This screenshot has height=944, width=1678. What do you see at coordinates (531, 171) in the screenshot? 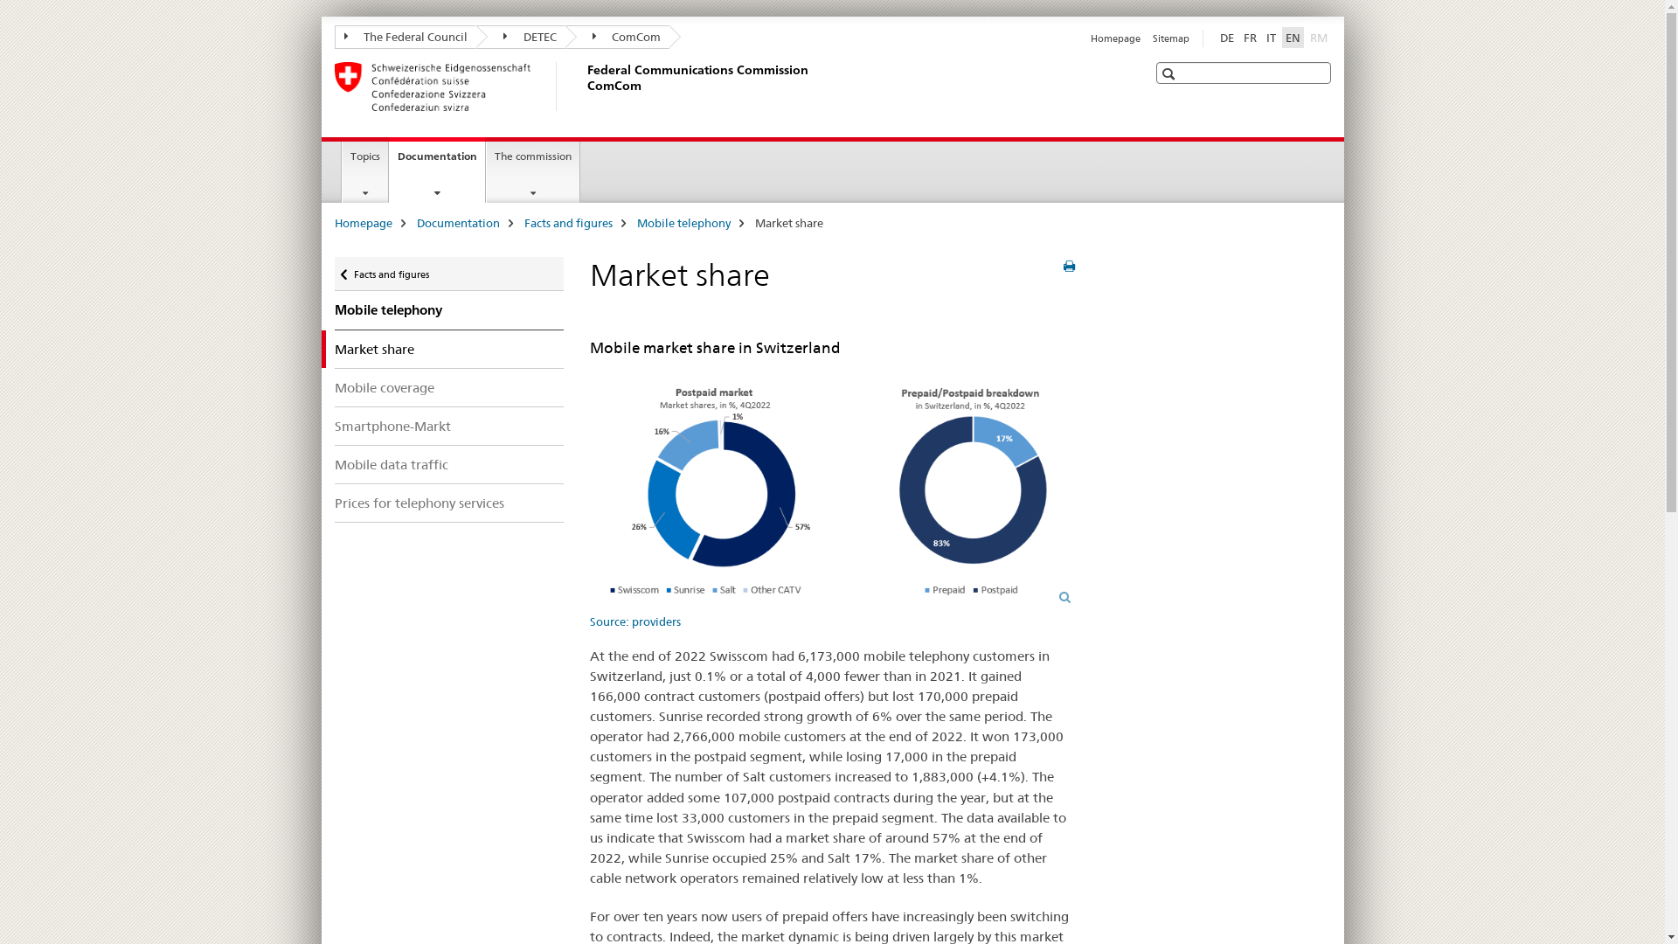
I see `'The commission'` at bounding box center [531, 171].